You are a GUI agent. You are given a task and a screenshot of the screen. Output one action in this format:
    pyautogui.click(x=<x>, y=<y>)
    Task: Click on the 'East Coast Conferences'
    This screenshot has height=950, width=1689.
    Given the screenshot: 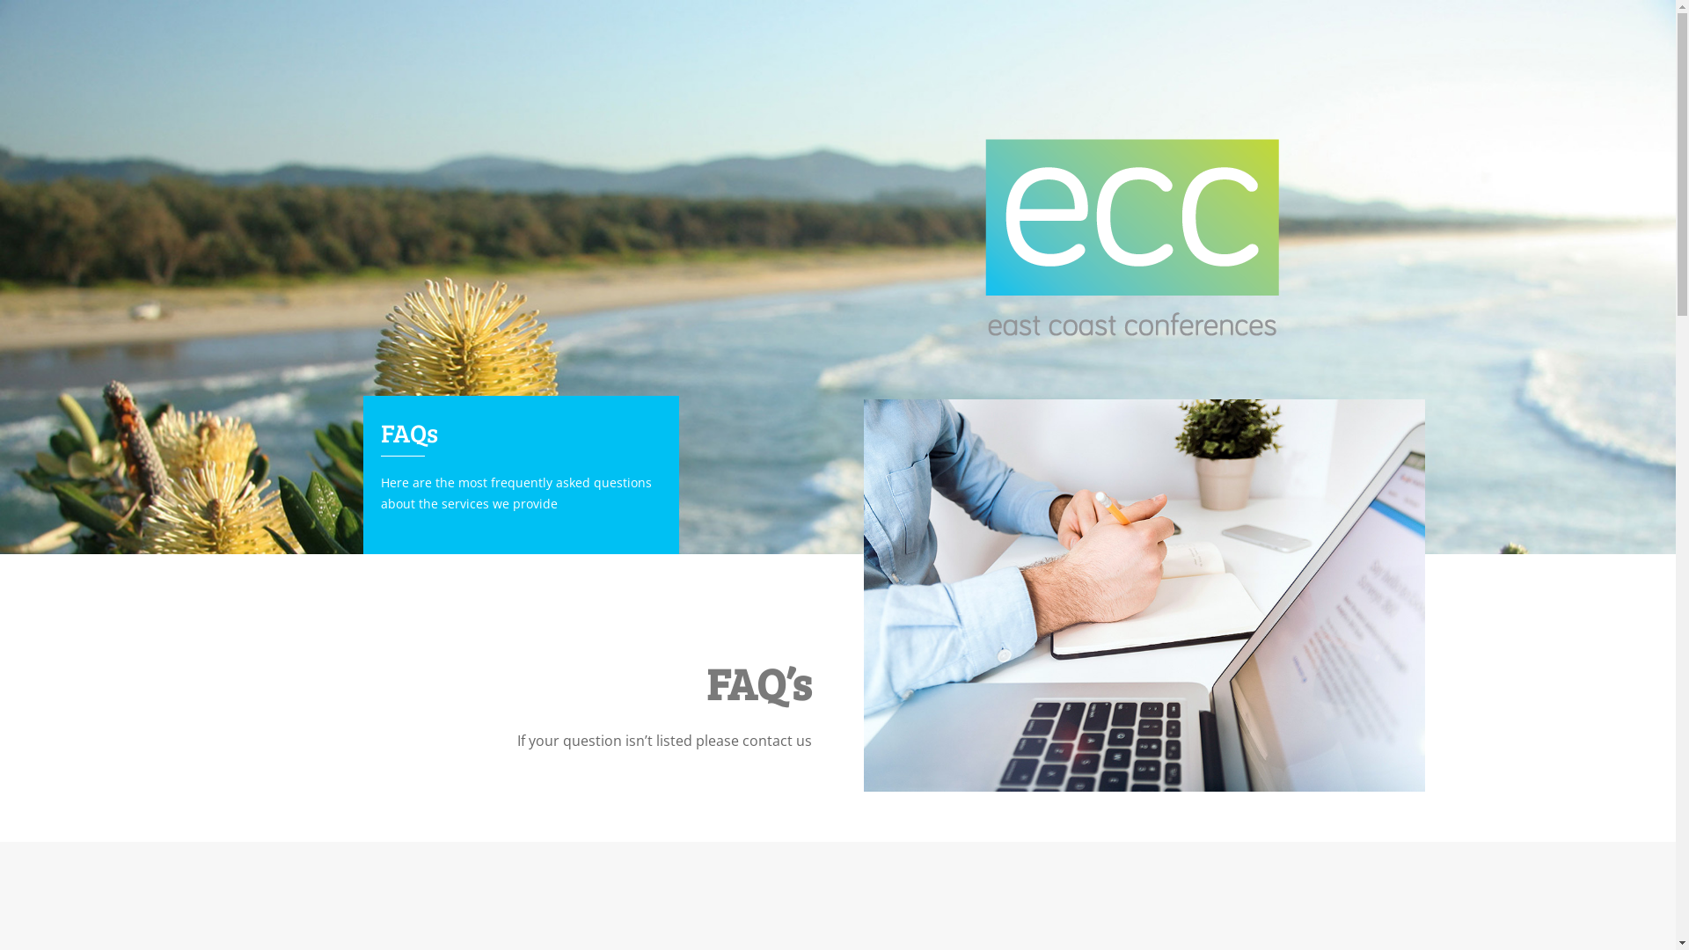 What is the action you would take?
    pyautogui.click(x=1133, y=237)
    